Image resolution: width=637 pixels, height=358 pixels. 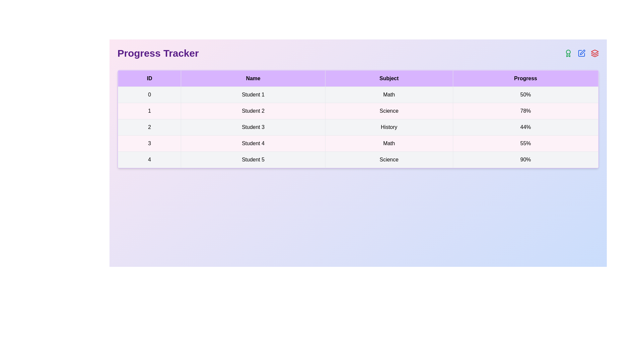 What do you see at coordinates (568, 53) in the screenshot?
I see `the Award icon in the header` at bounding box center [568, 53].